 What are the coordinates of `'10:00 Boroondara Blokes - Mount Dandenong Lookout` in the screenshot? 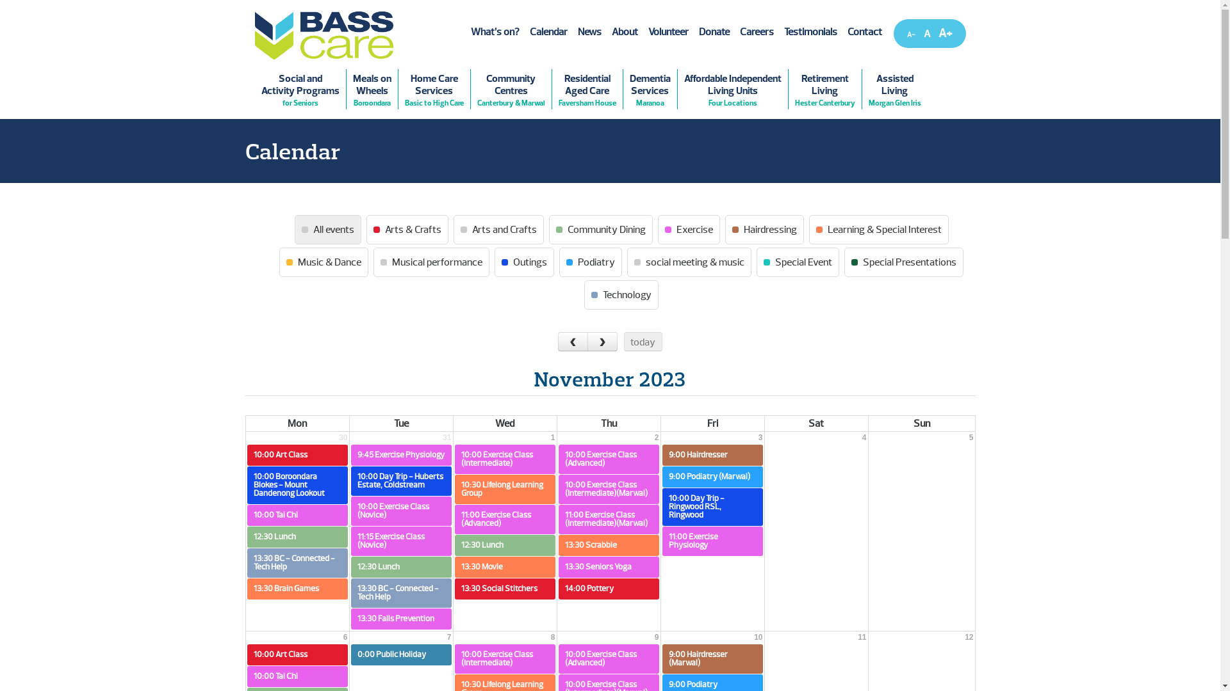 It's located at (247, 485).